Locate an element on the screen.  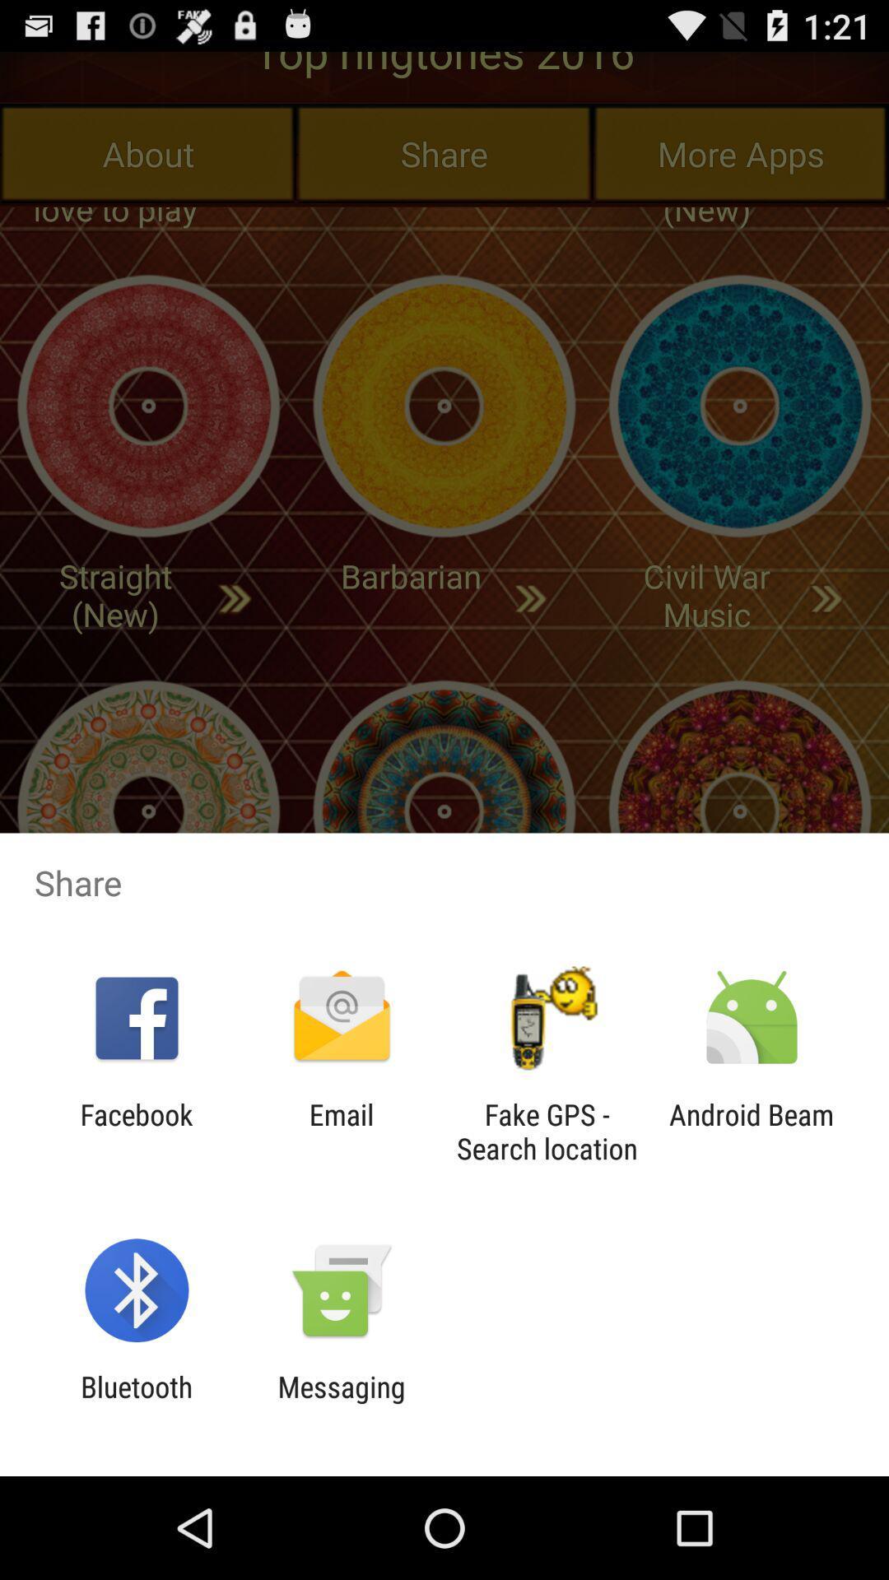
item to the left of android beam icon is located at coordinates (547, 1131).